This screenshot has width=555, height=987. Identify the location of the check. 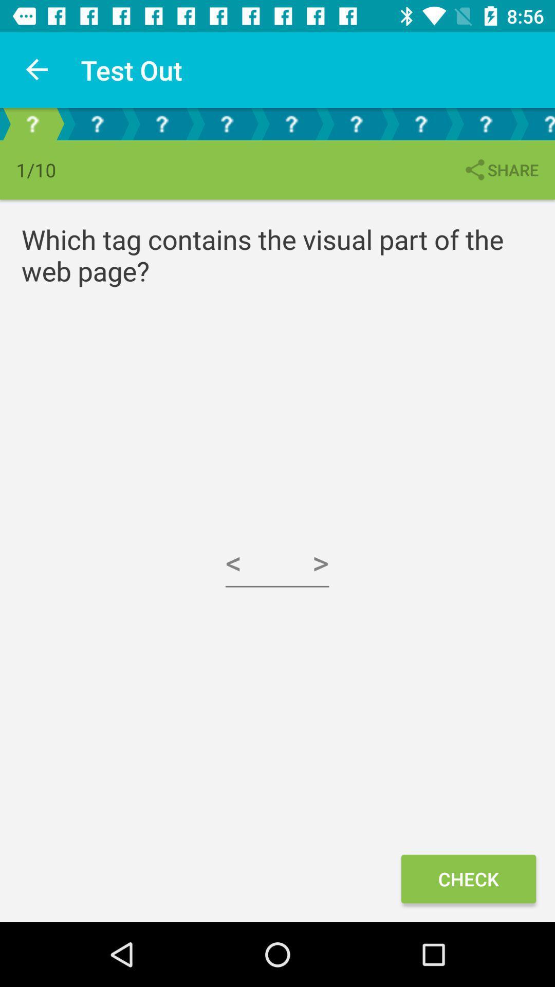
(468, 878).